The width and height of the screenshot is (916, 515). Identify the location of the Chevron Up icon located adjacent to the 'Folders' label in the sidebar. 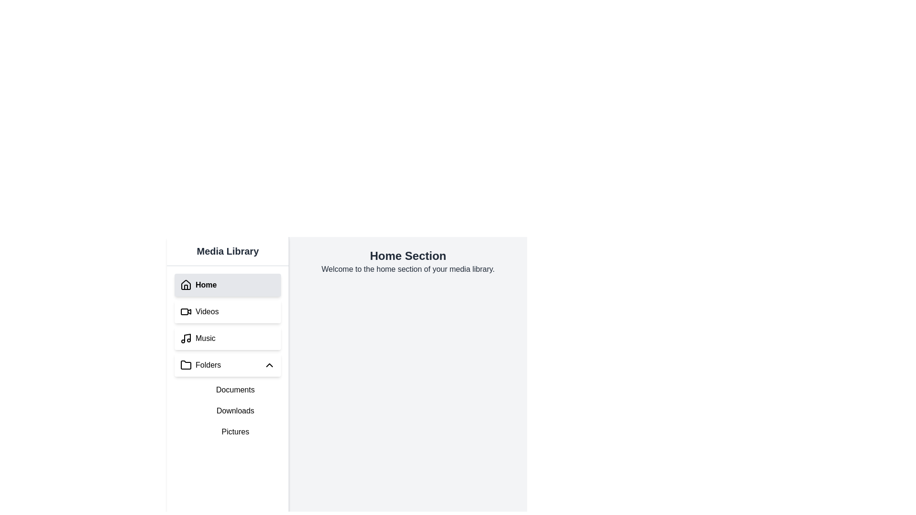
(269, 365).